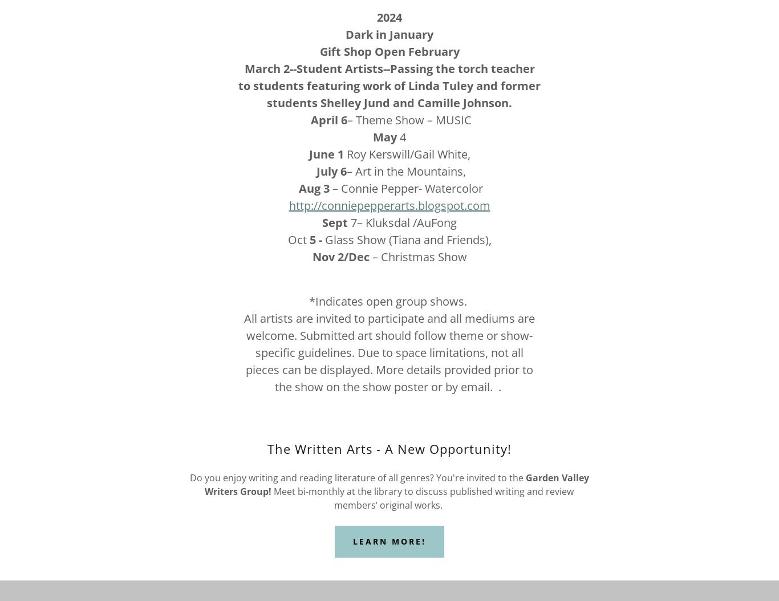  Describe the element at coordinates (388, 51) in the screenshot. I see `'Gift Shop Open February'` at that location.